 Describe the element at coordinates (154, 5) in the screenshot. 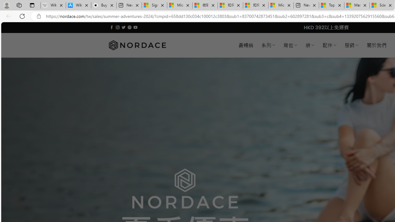

I see `'Sign in to your Microsoft account'` at that location.